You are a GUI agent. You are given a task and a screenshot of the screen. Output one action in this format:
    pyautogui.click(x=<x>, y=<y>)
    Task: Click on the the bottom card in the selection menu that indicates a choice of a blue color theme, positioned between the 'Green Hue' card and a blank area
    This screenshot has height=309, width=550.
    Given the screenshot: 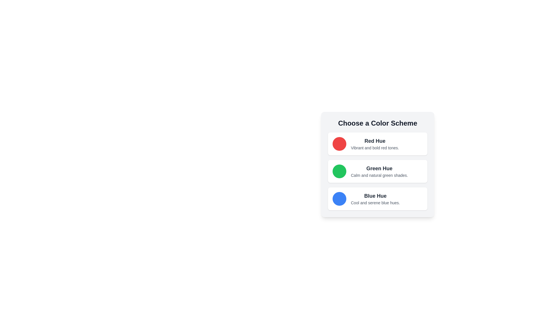 What is the action you would take?
    pyautogui.click(x=378, y=198)
    